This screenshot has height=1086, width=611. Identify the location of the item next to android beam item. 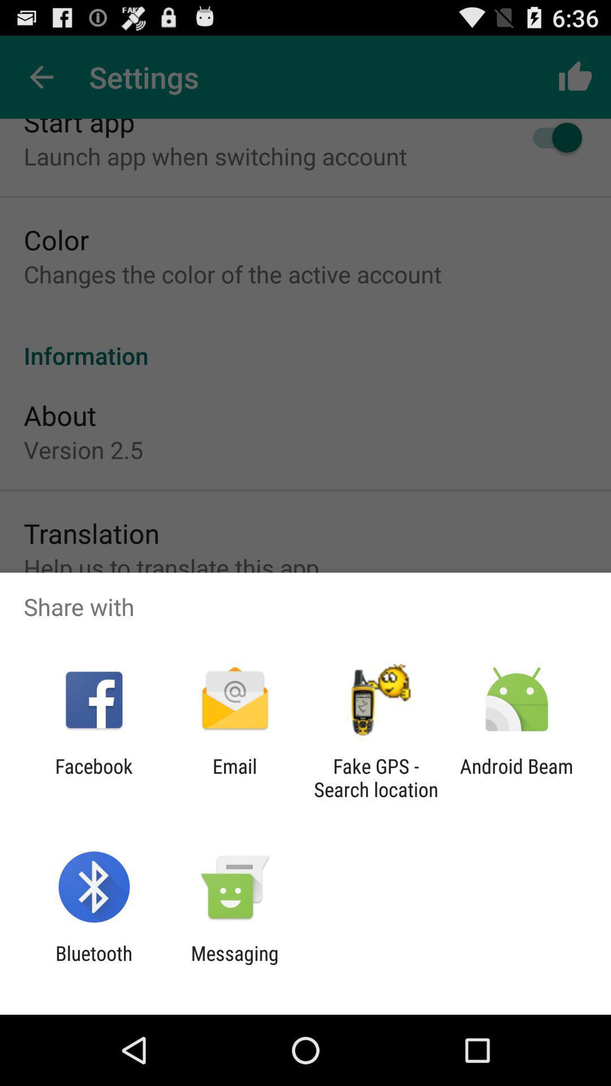
(376, 777).